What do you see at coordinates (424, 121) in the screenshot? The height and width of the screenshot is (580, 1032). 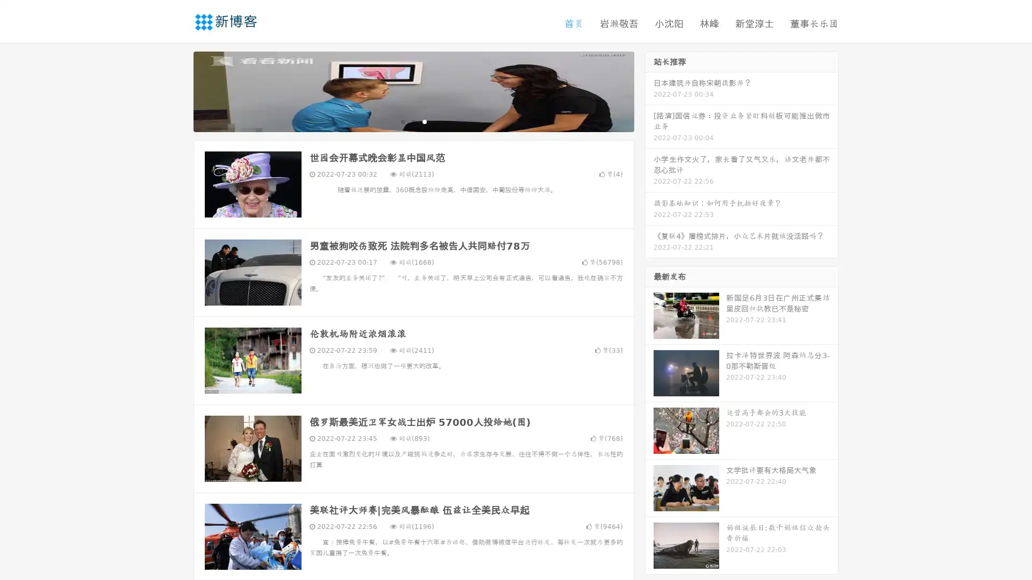 I see `Go to slide 3` at bounding box center [424, 121].